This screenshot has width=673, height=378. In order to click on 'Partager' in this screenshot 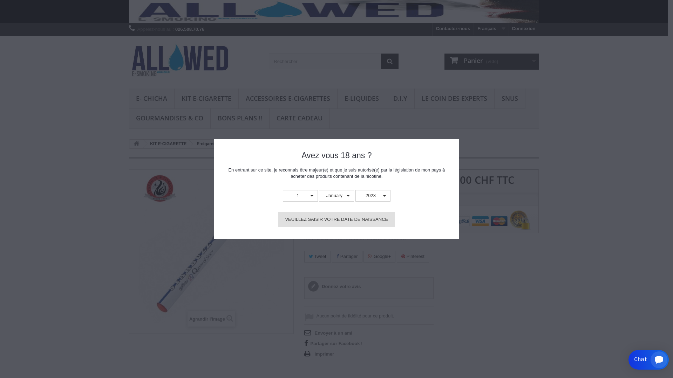, I will do `click(347, 257)`.